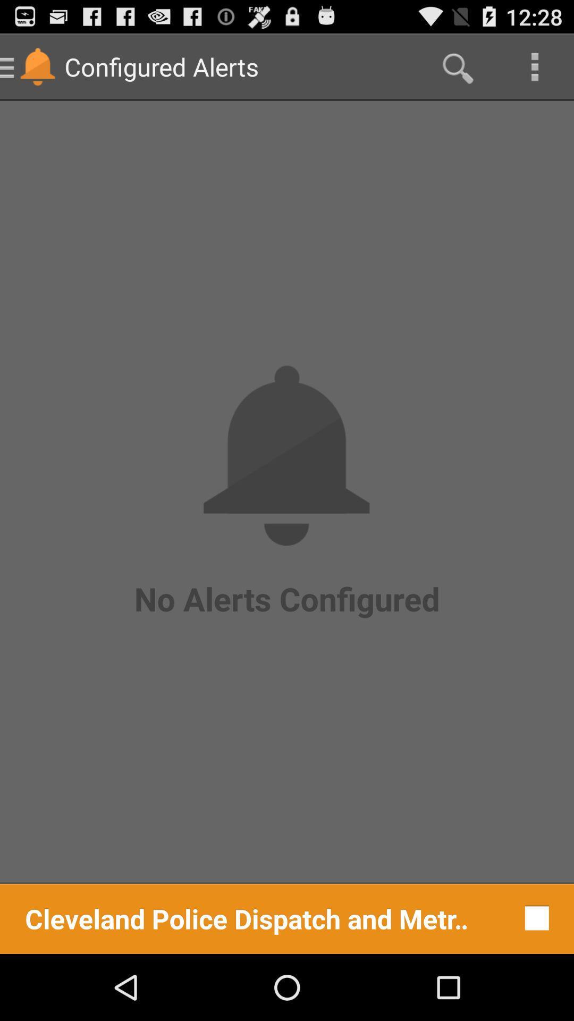 This screenshot has width=574, height=1021. Describe the element at coordinates (535, 66) in the screenshot. I see `icon above no alerts configured app` at that location.